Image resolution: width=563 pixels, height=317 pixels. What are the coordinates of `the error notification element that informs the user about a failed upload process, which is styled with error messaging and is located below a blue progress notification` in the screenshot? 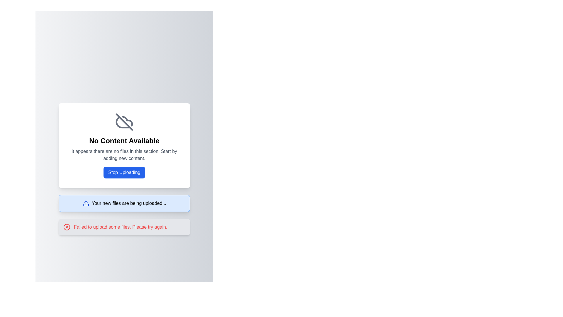 It's located at (124, 227).